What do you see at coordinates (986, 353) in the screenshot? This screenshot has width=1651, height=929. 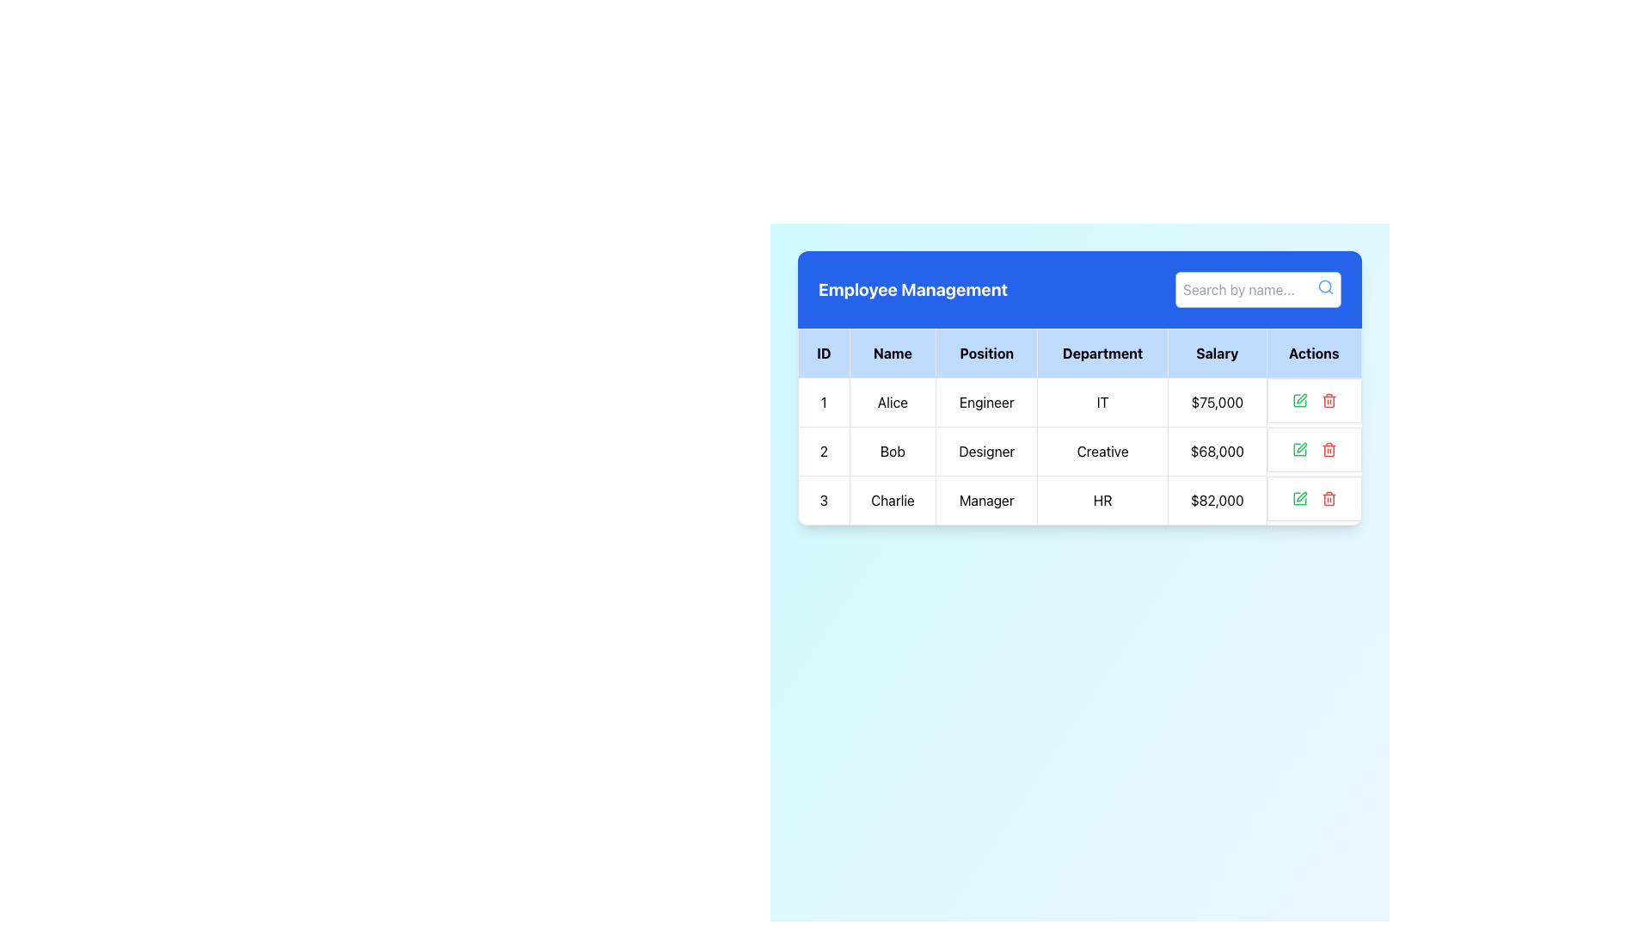 I see `the Table Header Cell for the 'Position' column, which is located in the header row of the table, as the third column between 'Name' and 'Department'` at bounding box center [986, 353].